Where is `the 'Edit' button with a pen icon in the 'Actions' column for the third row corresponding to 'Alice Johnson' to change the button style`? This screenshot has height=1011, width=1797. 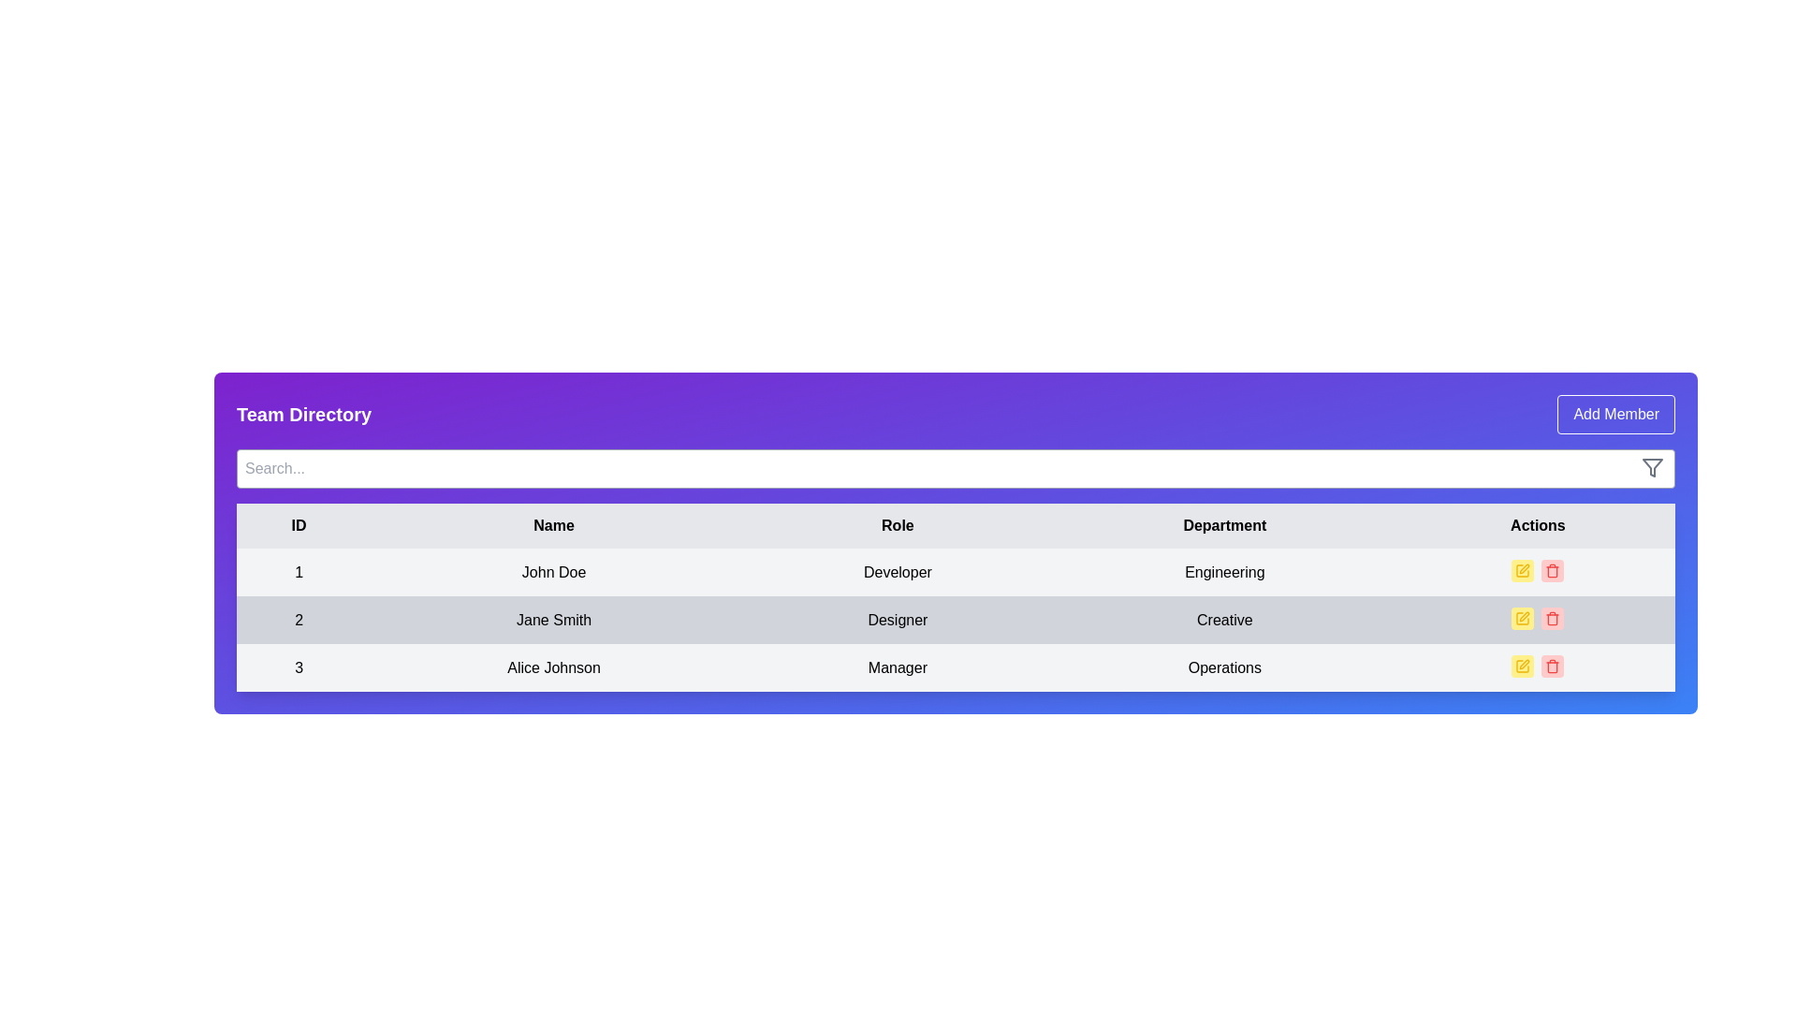 the 'Edit' button with a pen icon in the 'Actions' column for the third row corresponding to 'Alice Johnson' to change the button style is located at coordinates (1523, 666).